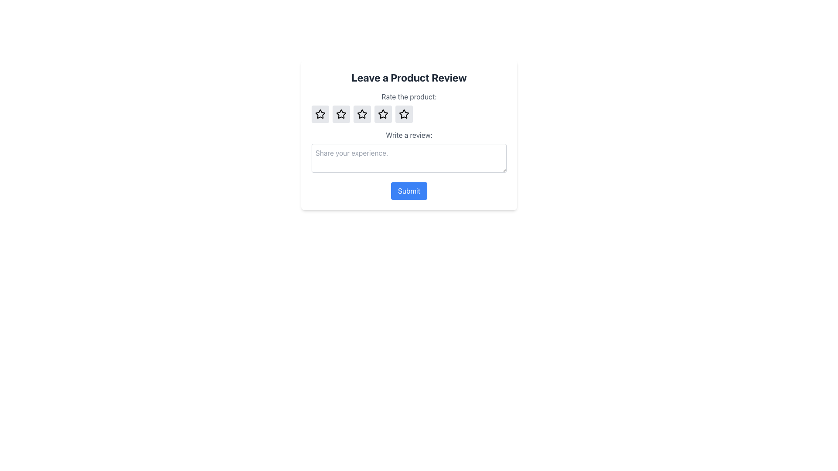 Image resolution: width=838 pixels, height=471 pixels. What do you see at coordinates (341, 114) in the screenshot?
I see `the third star-shaped button in the 'Rate the product' section of the 'Leave a Product Review' form` at bounding box center [341, 114].